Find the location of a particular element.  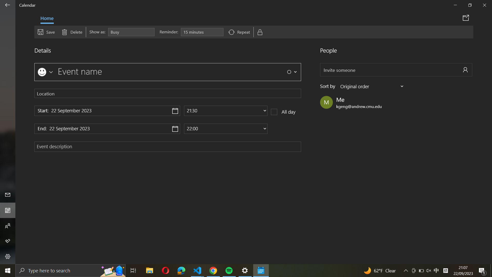

Utilize the "Share event" option for opening the event in a separate window is located at coordinates (467, 17).